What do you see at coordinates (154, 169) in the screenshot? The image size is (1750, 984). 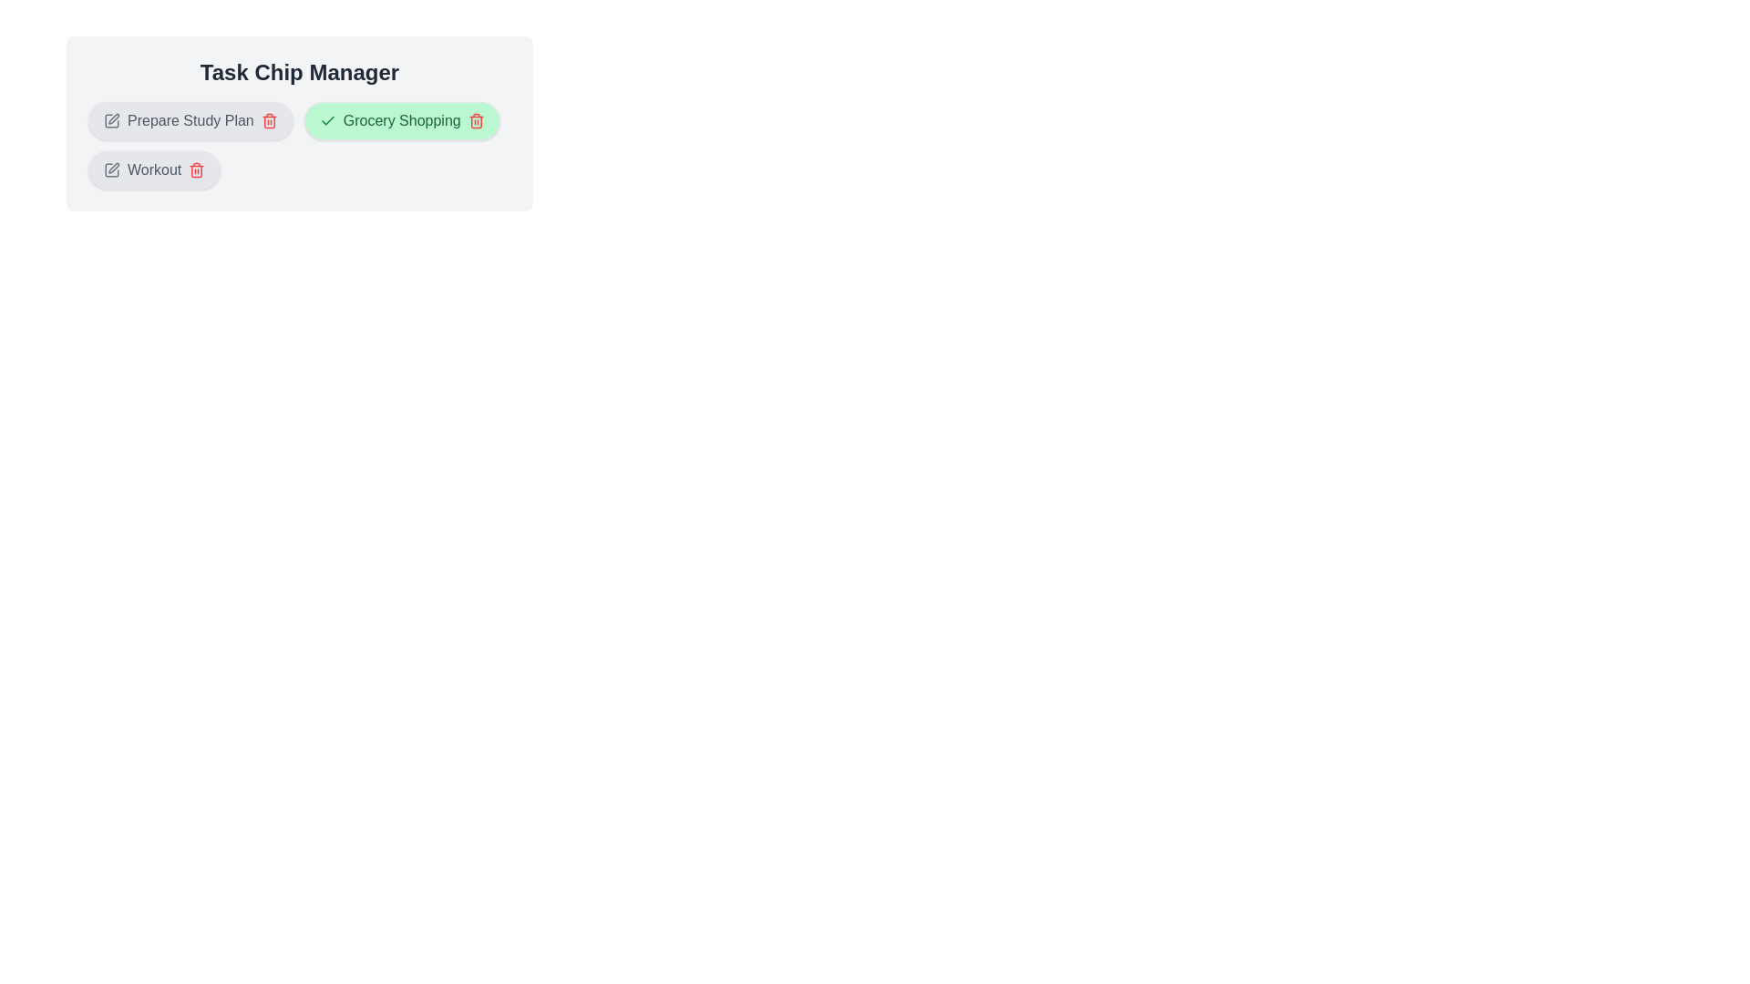 I see `the edit icon on the third task chip labeled 'Workout' to modify the task` at bounding box center [154, 169].